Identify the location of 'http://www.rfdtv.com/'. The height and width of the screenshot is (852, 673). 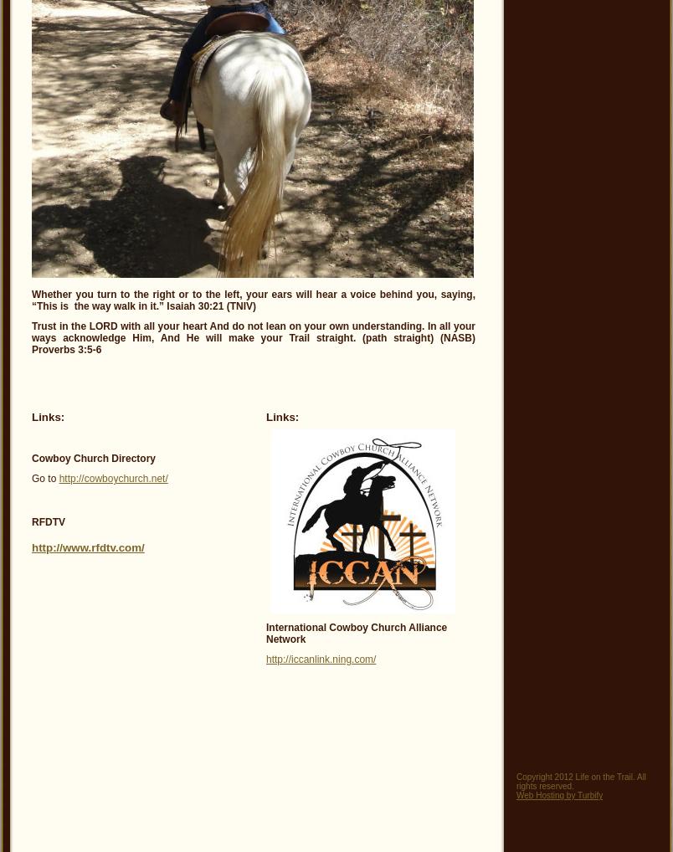
(32, 547).